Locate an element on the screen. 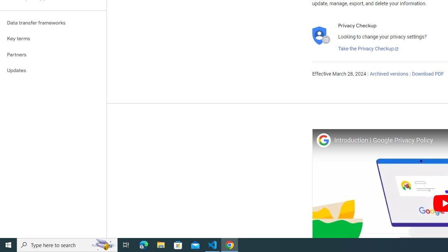 The width and height of the screenshot is (448, 252). 'Updates' is located at coordinates (53, 70).